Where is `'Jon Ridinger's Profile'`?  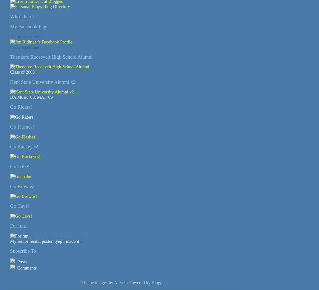
'Jon Ridinger's Profile' is located at coordinates (25, 36).